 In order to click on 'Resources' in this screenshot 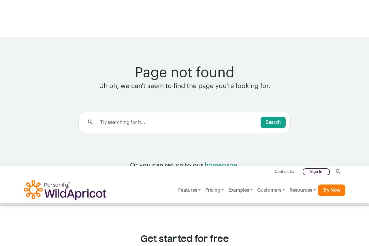, I will do `click(300, 16)`.